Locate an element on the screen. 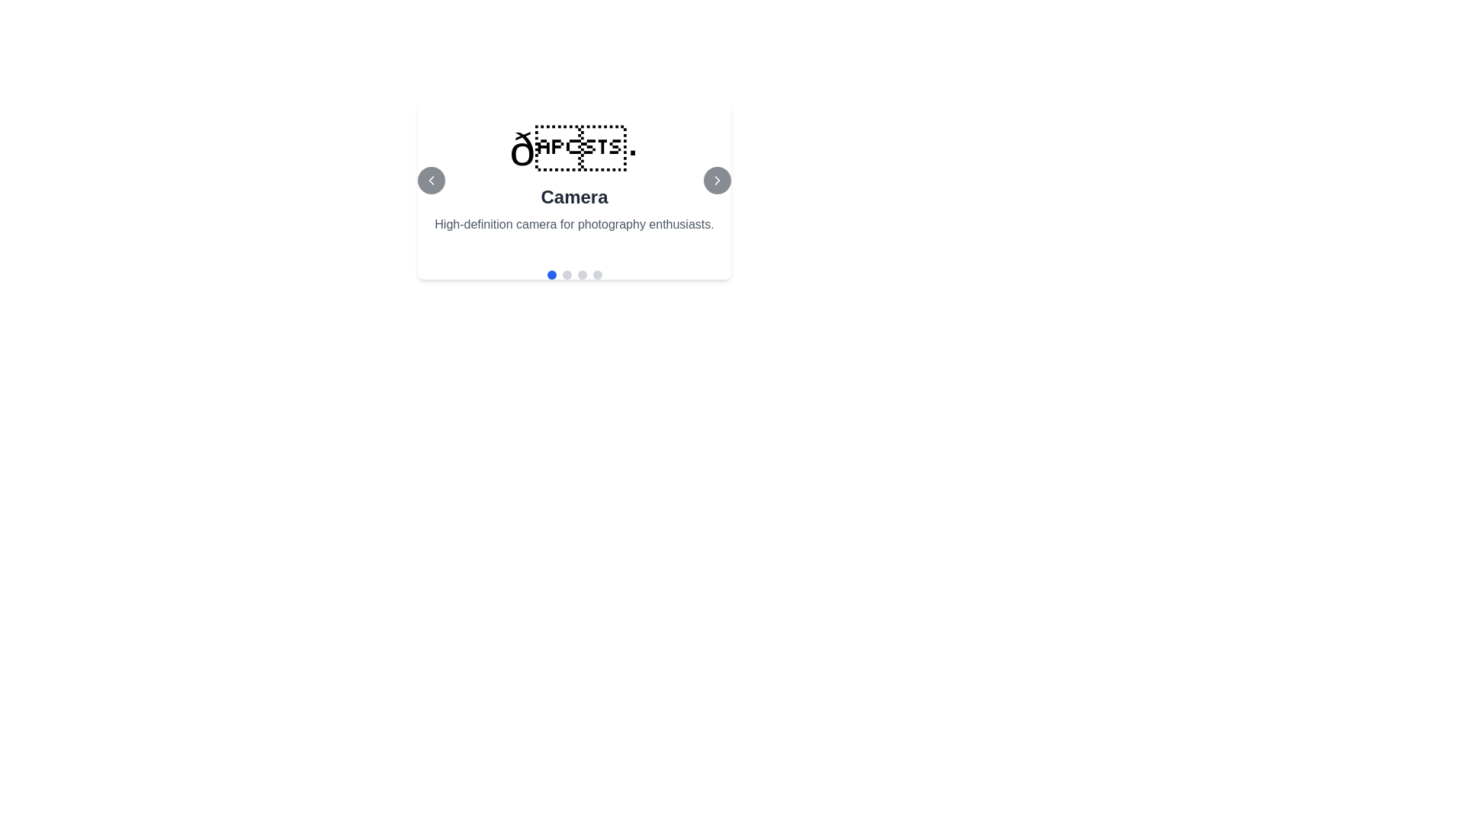 The width and height of the screenshot is (1464, 823). the decorative symbol located above the 'Camera' title in the 'Camera' section, which enhances the visual appeal of the UI is located at coordinates (573, 149).